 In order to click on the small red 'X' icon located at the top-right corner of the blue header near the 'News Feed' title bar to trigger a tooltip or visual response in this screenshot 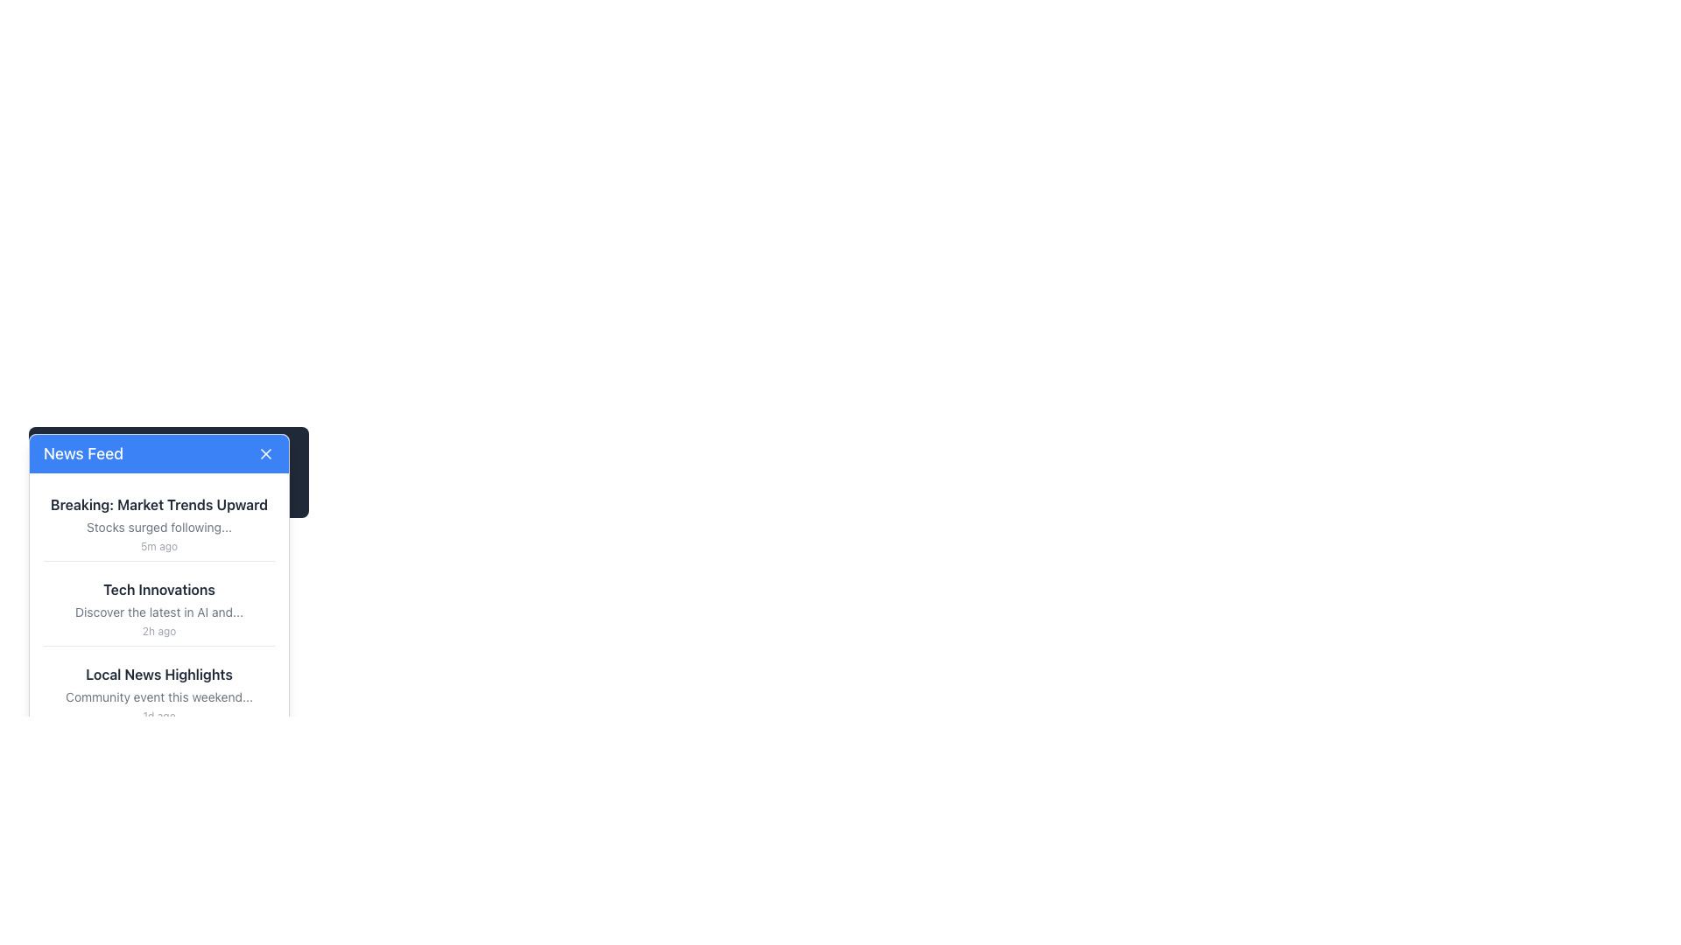, I will do `click(265, 453)`.